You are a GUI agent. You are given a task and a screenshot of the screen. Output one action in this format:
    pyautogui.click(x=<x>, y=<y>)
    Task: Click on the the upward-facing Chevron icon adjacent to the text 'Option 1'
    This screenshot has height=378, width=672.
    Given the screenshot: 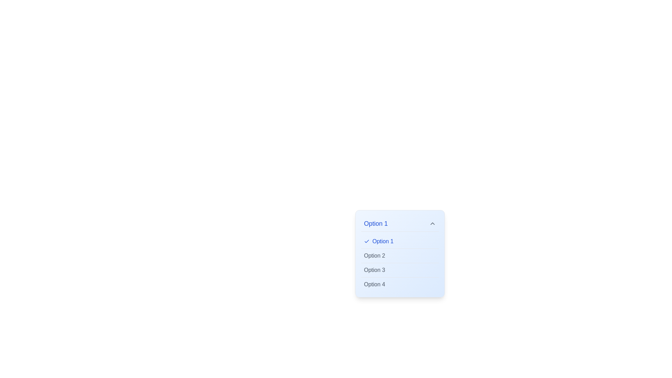 What is the action you would take?
    pyautogui.click(x=432, y=224)
    